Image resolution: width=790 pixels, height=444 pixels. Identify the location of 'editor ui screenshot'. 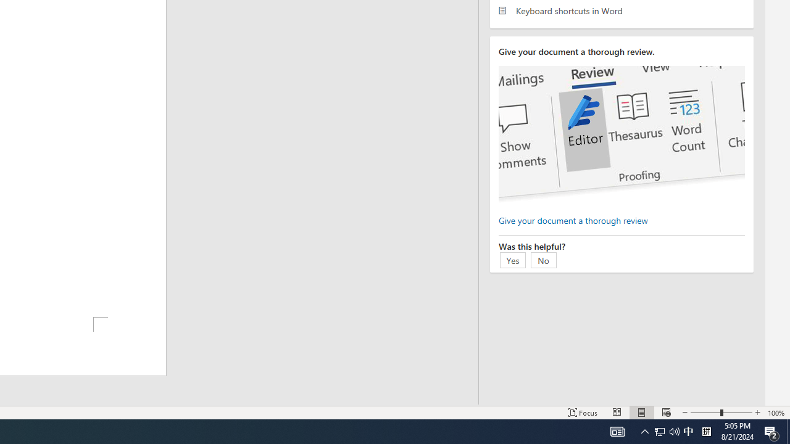
(622, 134).